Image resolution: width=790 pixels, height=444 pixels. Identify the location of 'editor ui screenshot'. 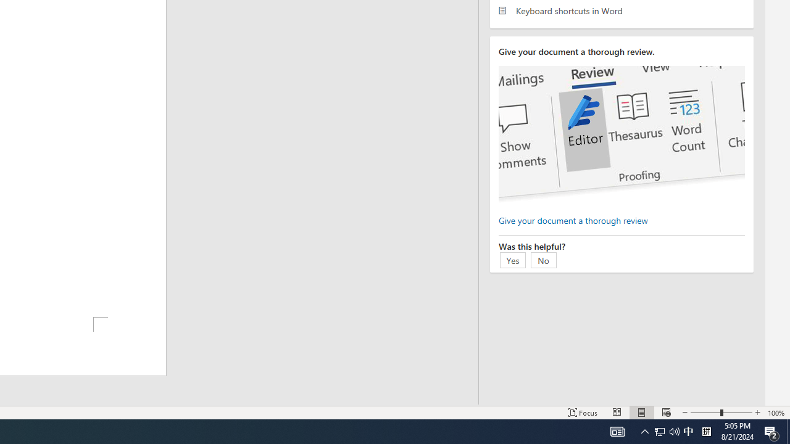
(622, 134).